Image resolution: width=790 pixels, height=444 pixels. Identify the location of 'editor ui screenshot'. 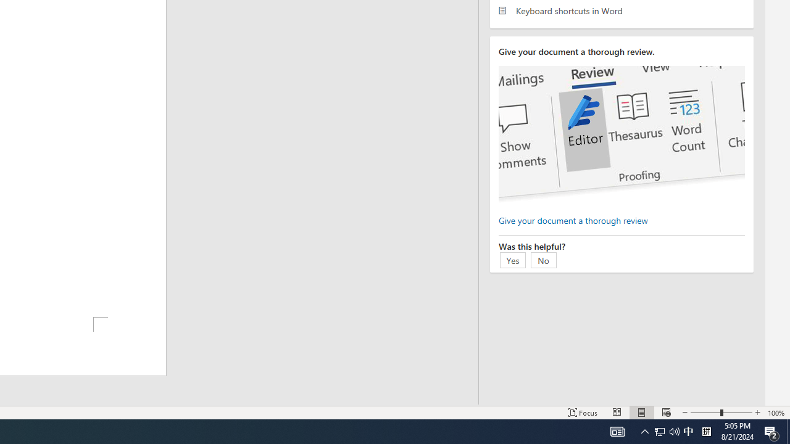
(622, 134).